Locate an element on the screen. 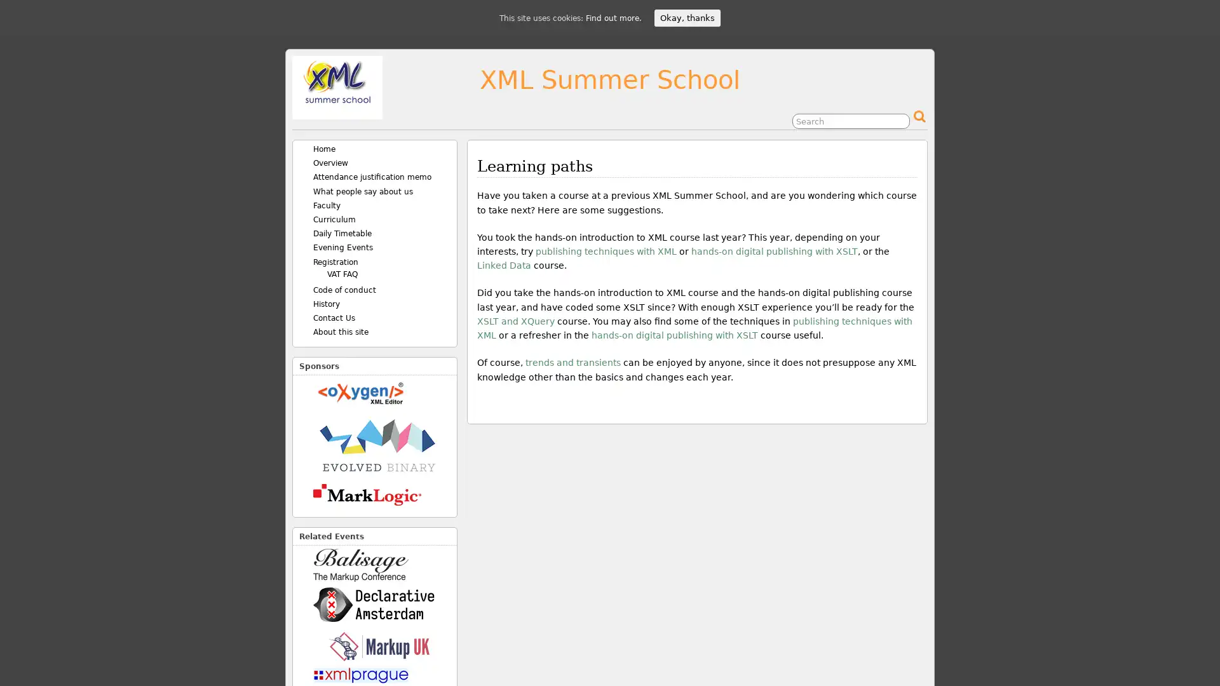 This screenshot has height=686, width=1220. Okay, thanks is located at coordinates (686, 18).